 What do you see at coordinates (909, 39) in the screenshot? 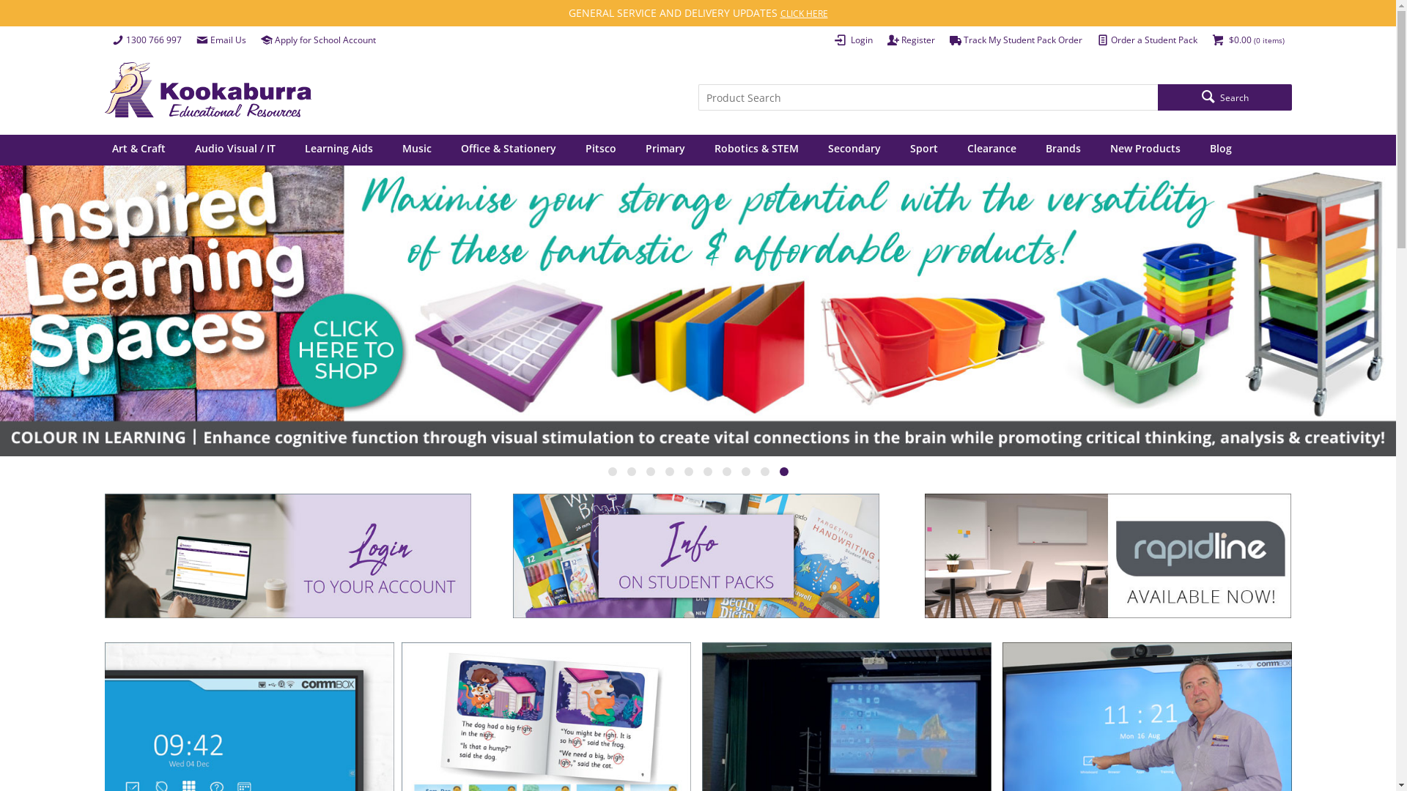
I see `'Register'` at bounding box center [909, 39].